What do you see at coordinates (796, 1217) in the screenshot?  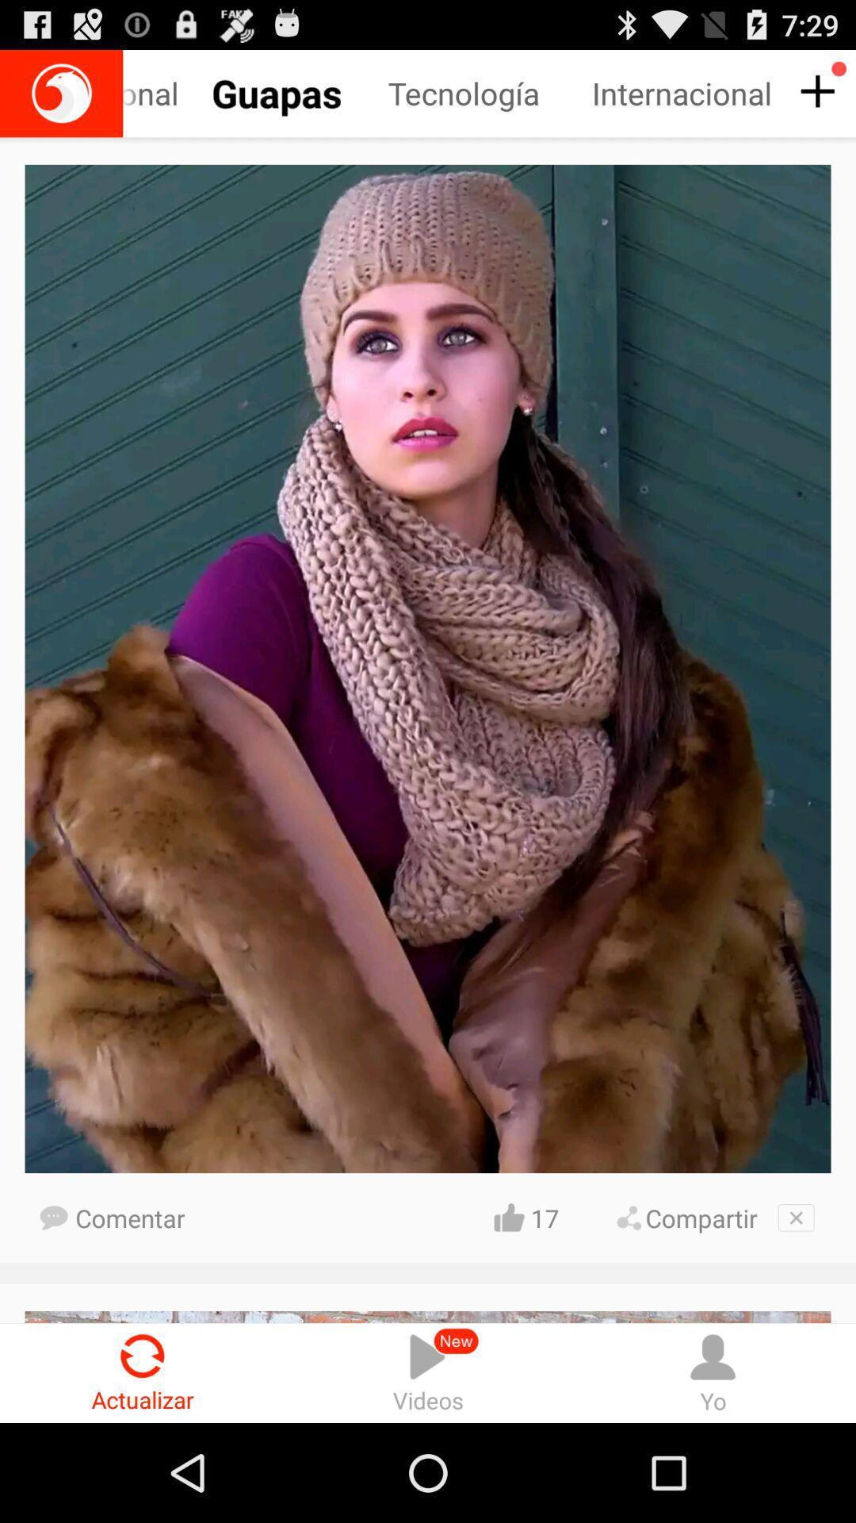 I see `option` at bounding box center [796, 1217].